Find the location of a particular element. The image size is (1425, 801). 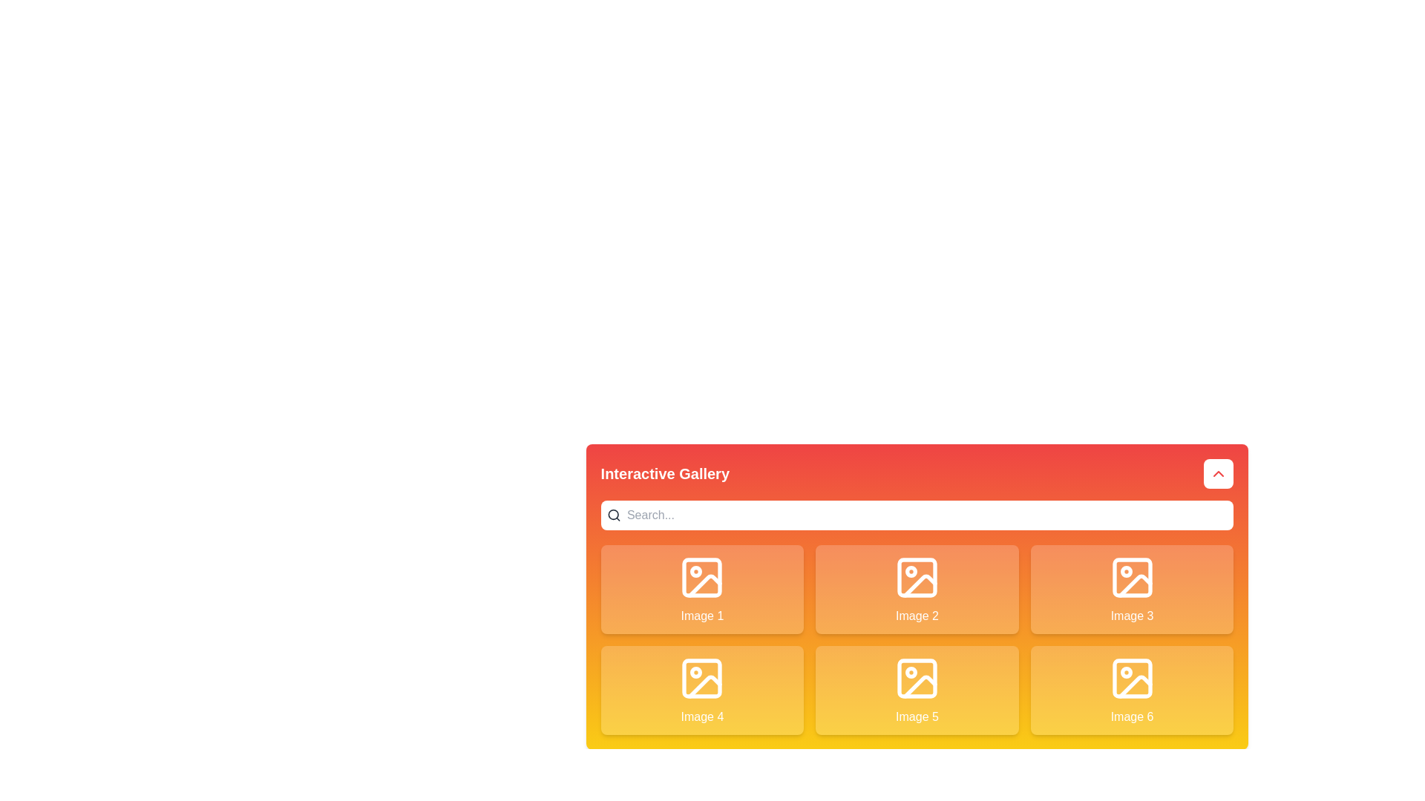

the decorative graphical component of the icon located in the fifth image slot, which symbolizes part of the icon's design in the bottom-left corner is located at coordinates (919, 687).